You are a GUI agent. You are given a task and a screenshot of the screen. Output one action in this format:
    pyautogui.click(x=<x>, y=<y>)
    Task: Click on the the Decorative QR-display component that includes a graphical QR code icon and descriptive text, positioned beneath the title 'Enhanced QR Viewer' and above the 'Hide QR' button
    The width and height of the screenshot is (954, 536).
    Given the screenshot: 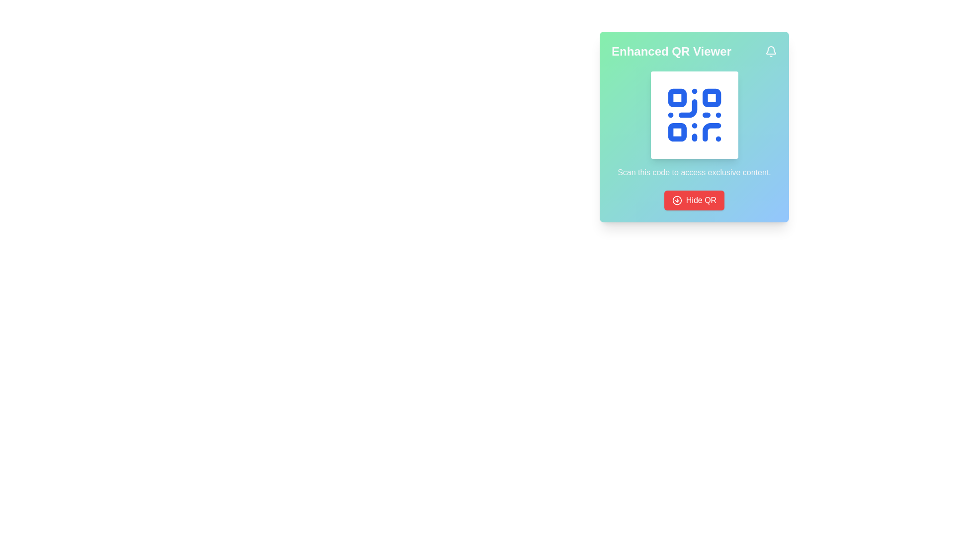 What is the action you would take?
    pyautogui.click(x=694, y=124)
    